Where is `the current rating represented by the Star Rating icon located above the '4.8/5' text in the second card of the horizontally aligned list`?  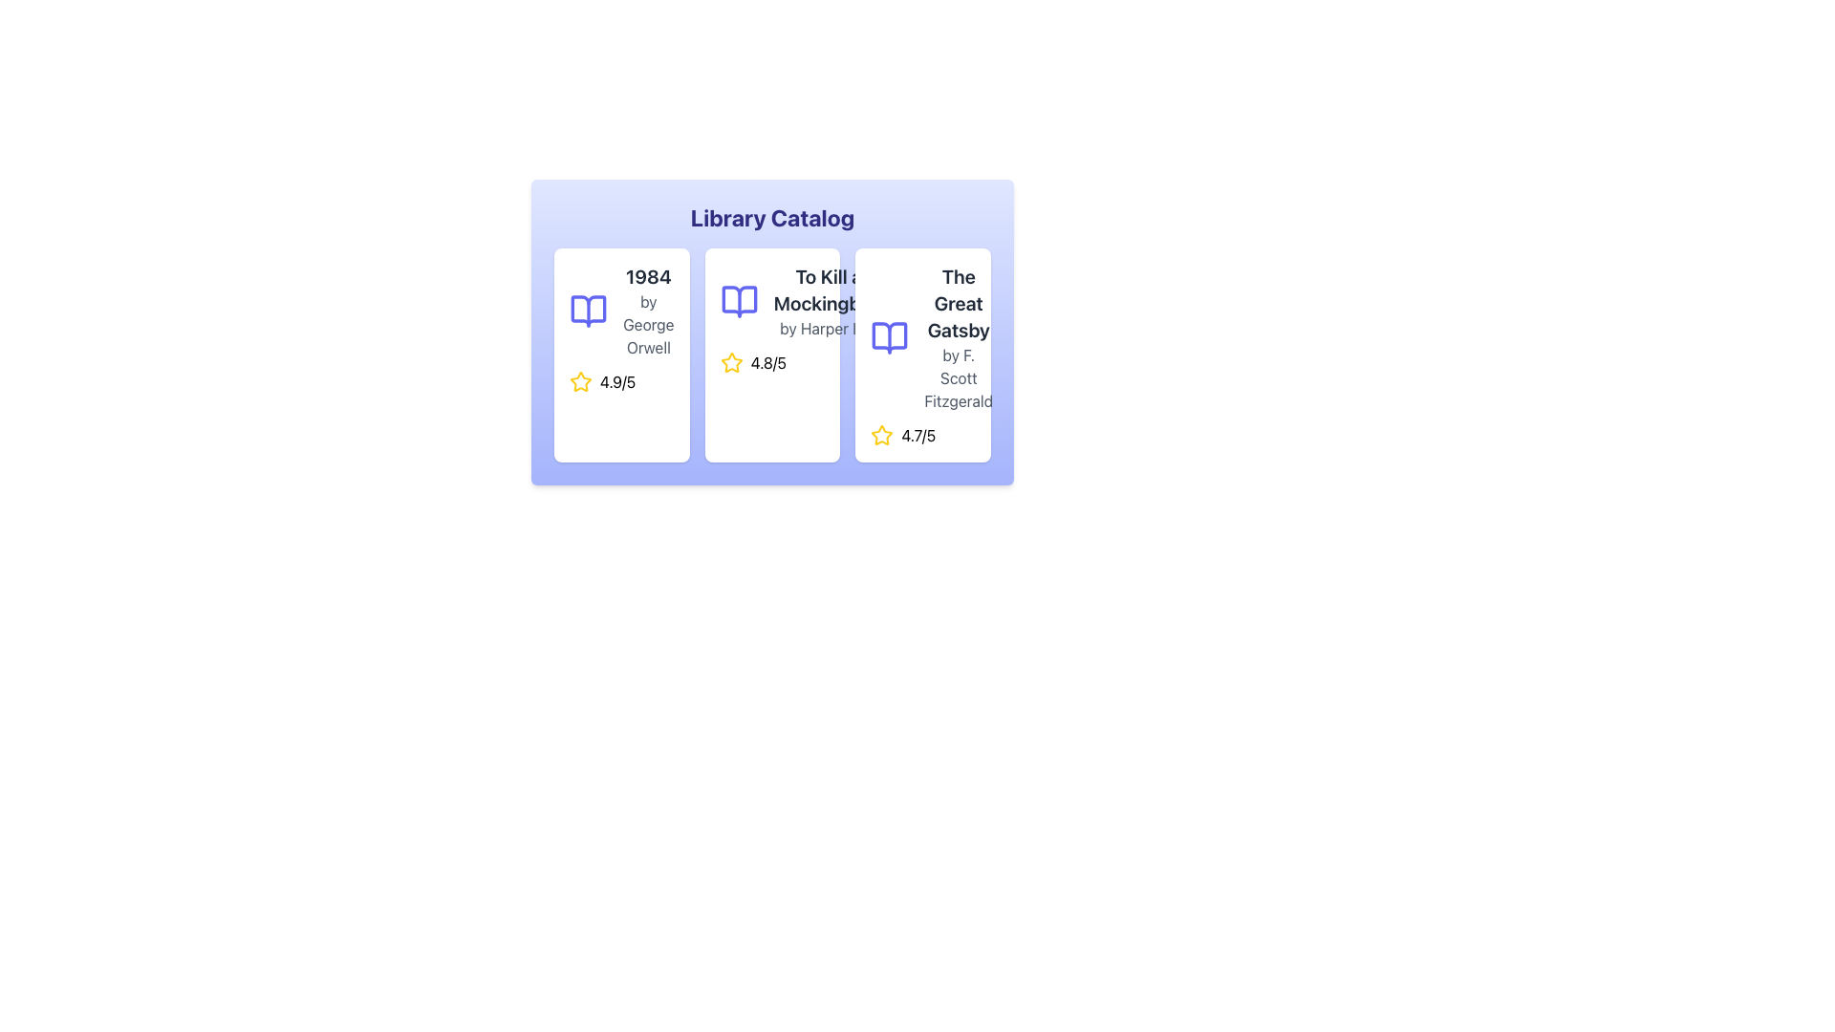 the current rating represented by the Star Rating icon located above the '4.8/5' text in the second card of the horizontally aligned list is located at coordinates (730, 363).